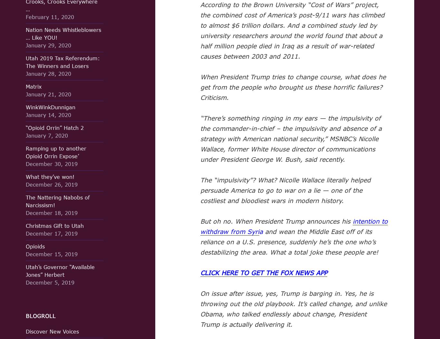  Describe the element at coordinates (51, 163) in the screenshot. I see `'December 30, 2019'` at that location.